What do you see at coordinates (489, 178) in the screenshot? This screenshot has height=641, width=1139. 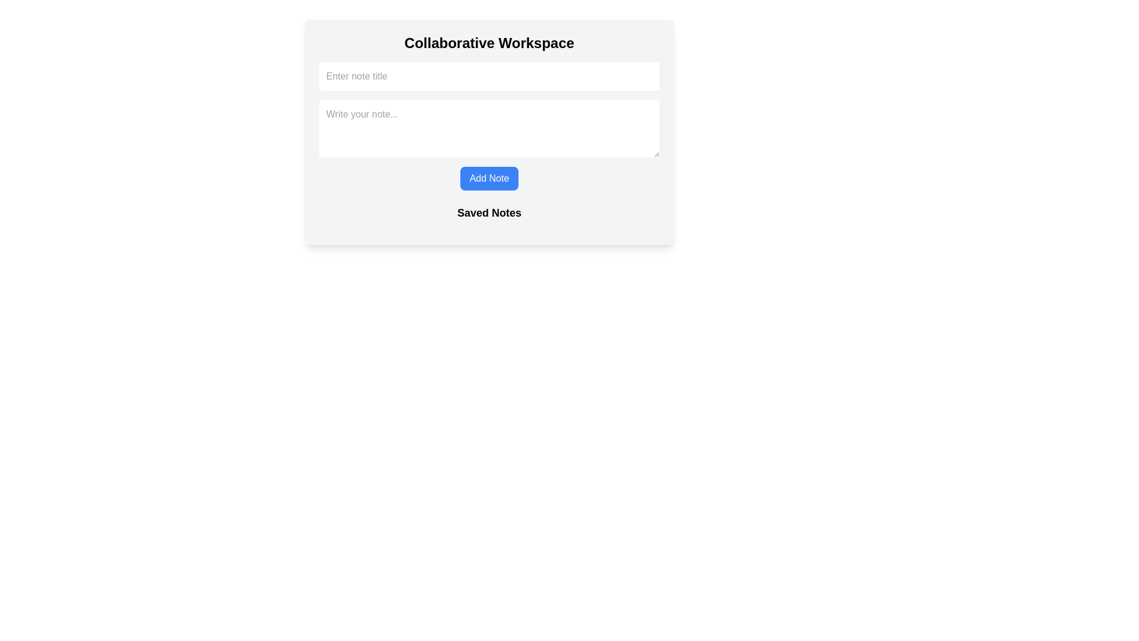 I see `the 'Add Note' button, which is a blue rectangular button with white text, to observe the visual change indicating interactivity` at bounding box center [489, 178].